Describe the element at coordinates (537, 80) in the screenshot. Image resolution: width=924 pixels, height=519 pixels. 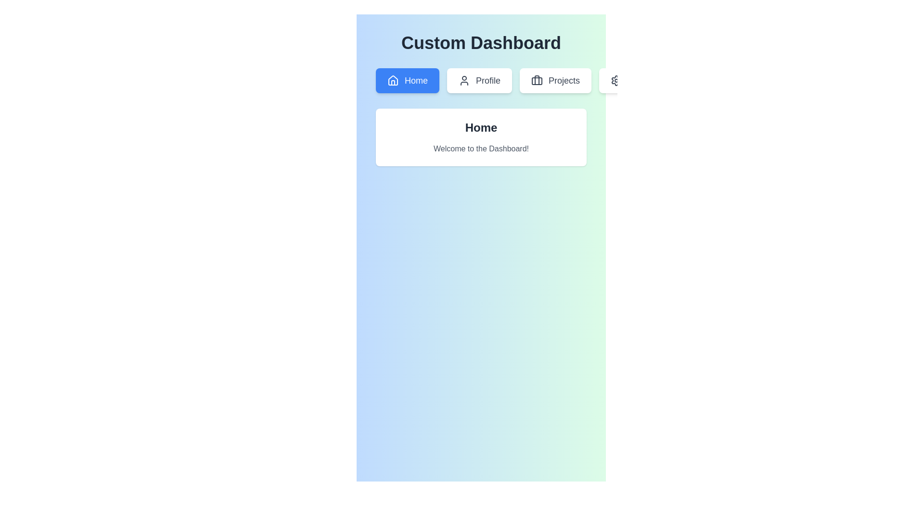
I see `the 'Projects' icon in the navigation bar` at that location.